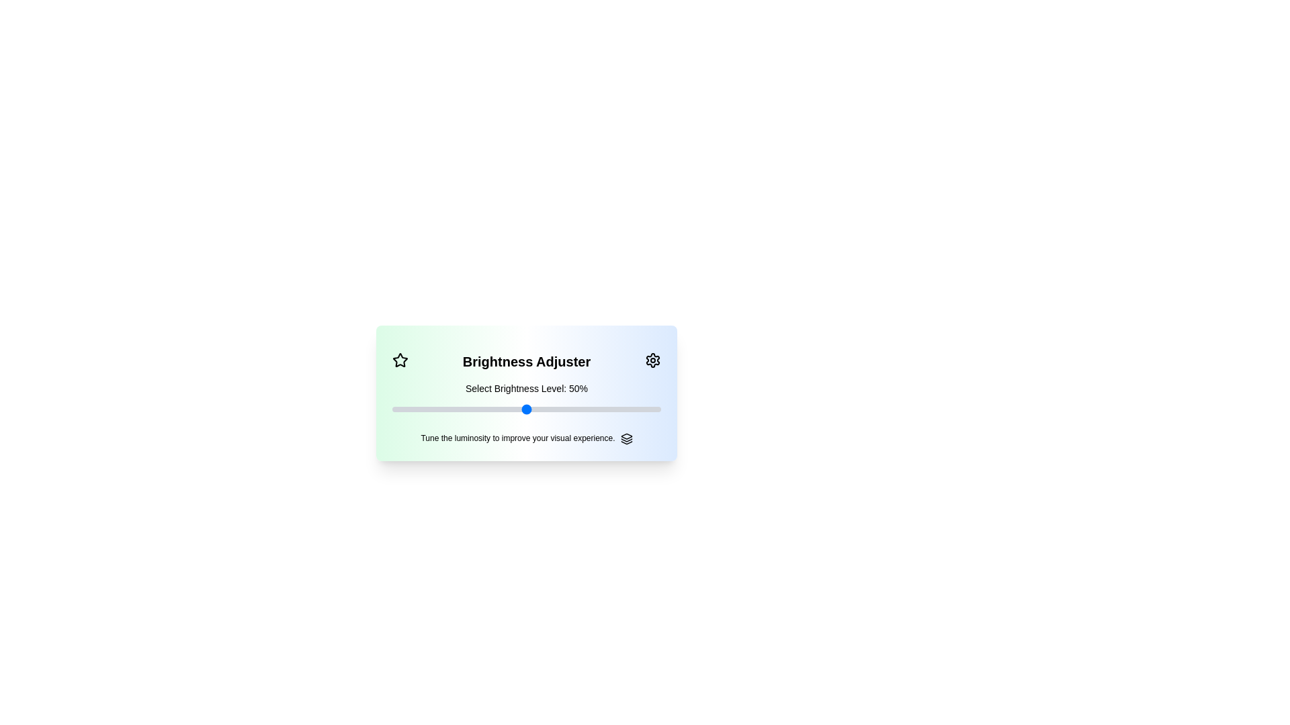 This screenshot has height=725, width=1290. What do you see at coordinates (392, 408) in the screenshot?
I see `the slider to set brightness to 1%` at bounding box center [392, 408].